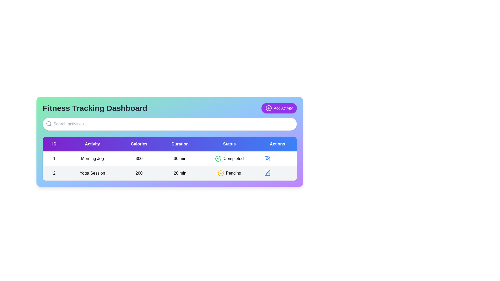 The height and width of the screenshot is (281, 500). Describe the element at coordinates (229, 158) in the screenshot. I see `the Status indicator that displays a checkmark icon and the label 'Completed', located in the first row of the Status column adjacent to the '30 min' element and the 'Edit' action button` at that location.